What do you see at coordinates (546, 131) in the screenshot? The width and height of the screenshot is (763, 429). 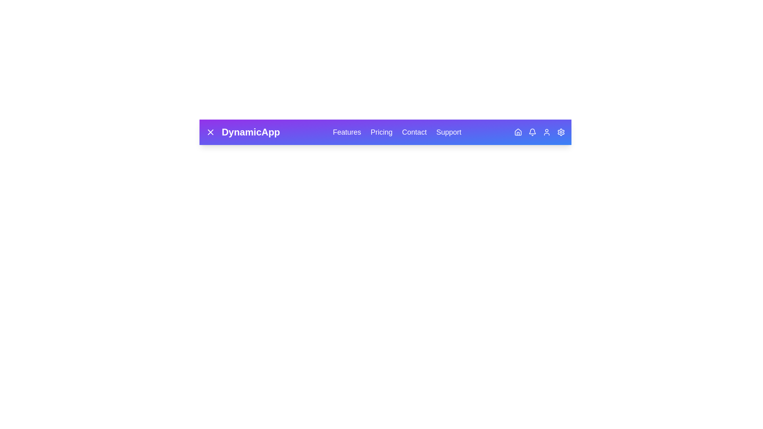 I see `the Profile icon in the DynamicAppBar` at bounding box center [546, 131].